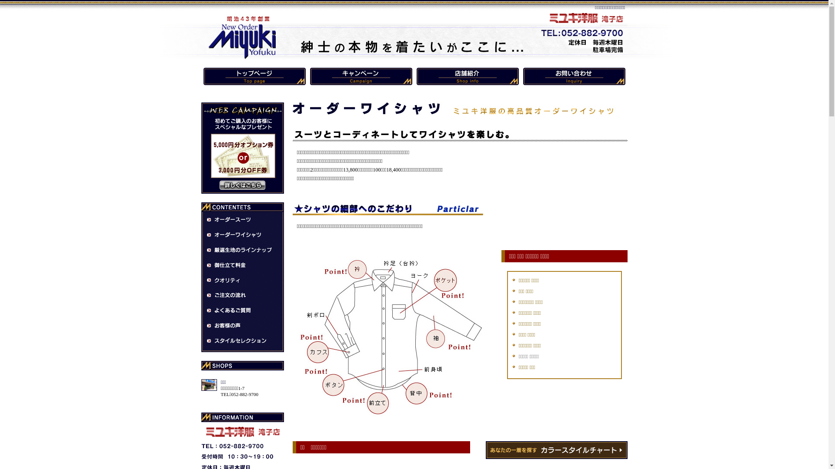  I want to click on 'Q&A', so click(242, 310).